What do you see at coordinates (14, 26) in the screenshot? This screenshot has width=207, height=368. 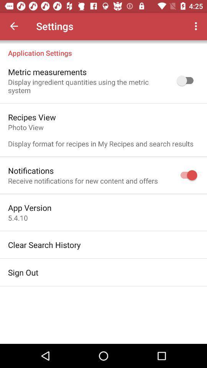 I see `icon next to settings icon` at bounding box center [14, 26].